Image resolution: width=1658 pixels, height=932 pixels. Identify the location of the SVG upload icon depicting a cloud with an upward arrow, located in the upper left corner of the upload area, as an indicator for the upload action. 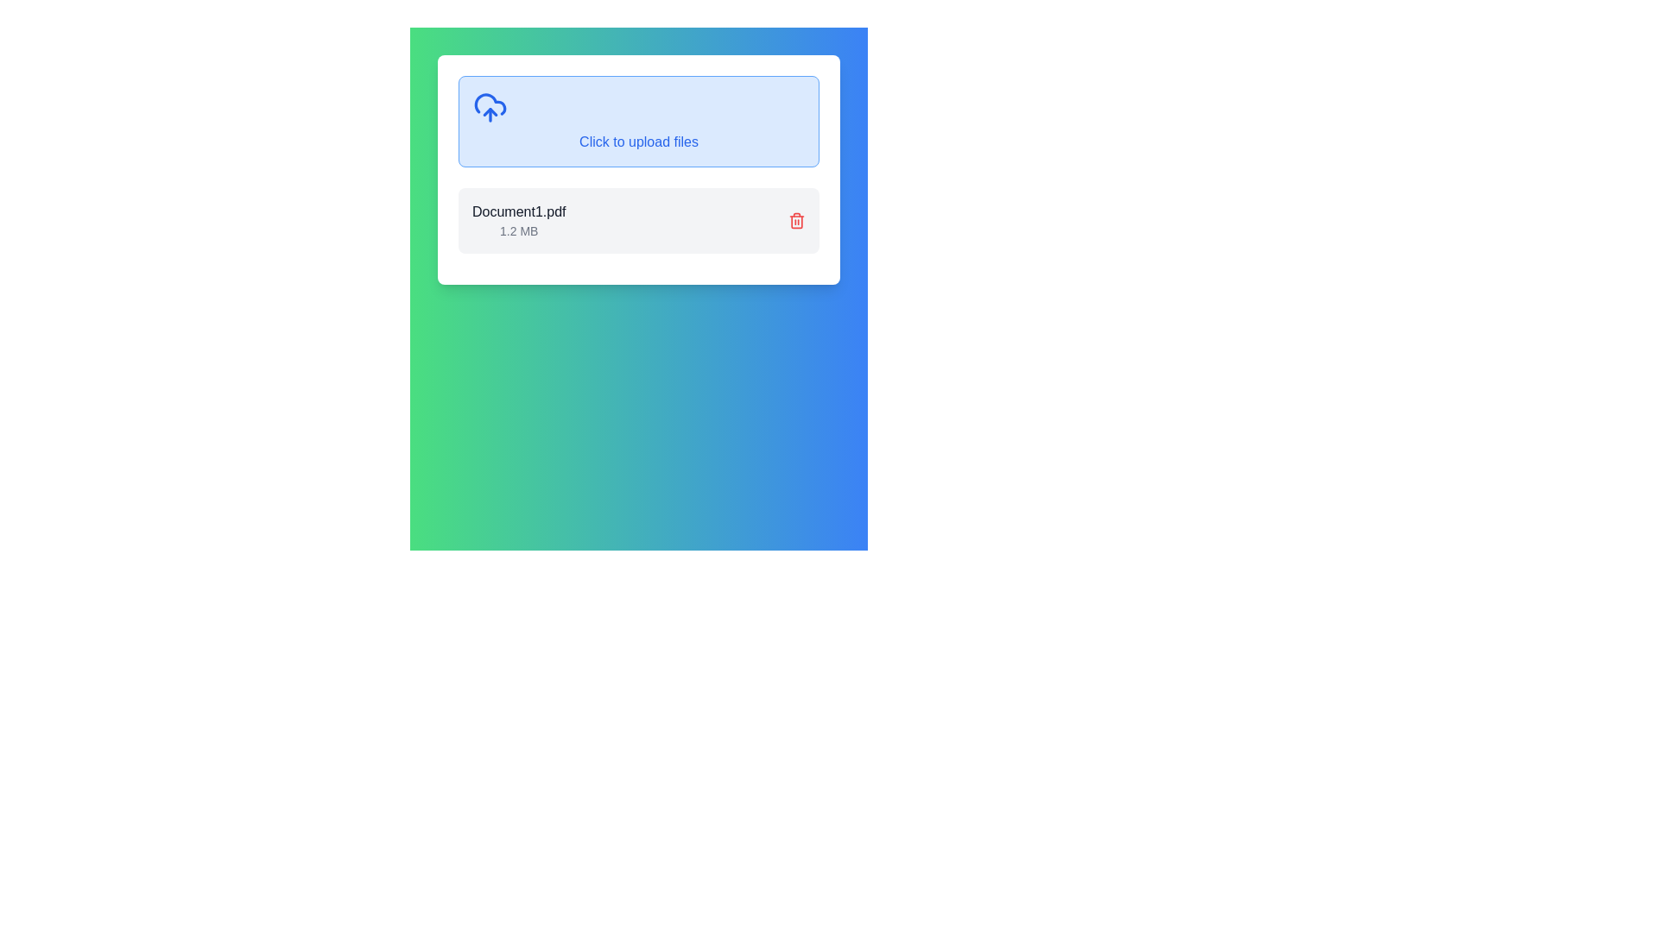
(489, 107).